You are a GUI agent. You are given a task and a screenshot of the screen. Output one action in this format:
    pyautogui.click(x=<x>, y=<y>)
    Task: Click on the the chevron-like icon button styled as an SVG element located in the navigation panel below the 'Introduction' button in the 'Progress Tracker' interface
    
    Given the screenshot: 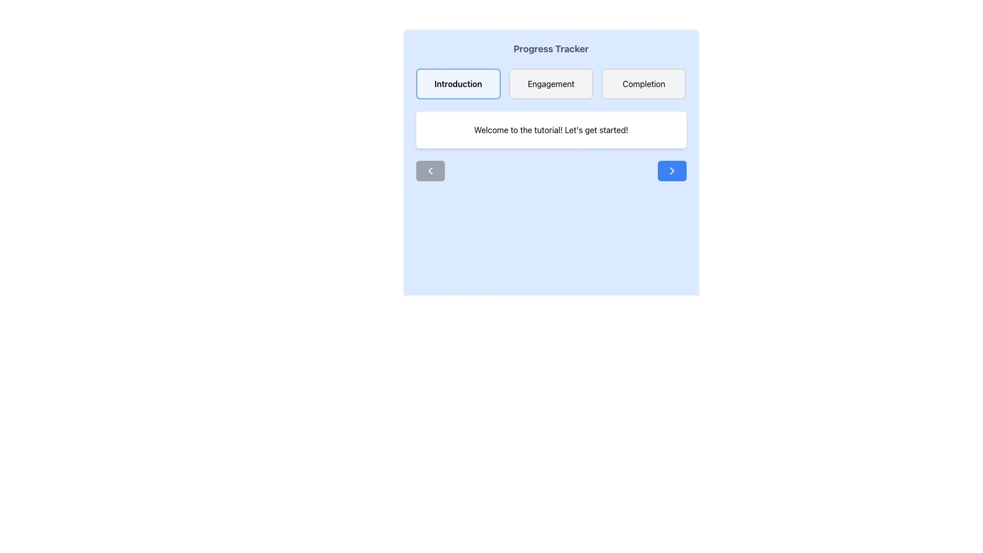 What is the action you would take?
    pyautogui.click(x=430, y=171)
    